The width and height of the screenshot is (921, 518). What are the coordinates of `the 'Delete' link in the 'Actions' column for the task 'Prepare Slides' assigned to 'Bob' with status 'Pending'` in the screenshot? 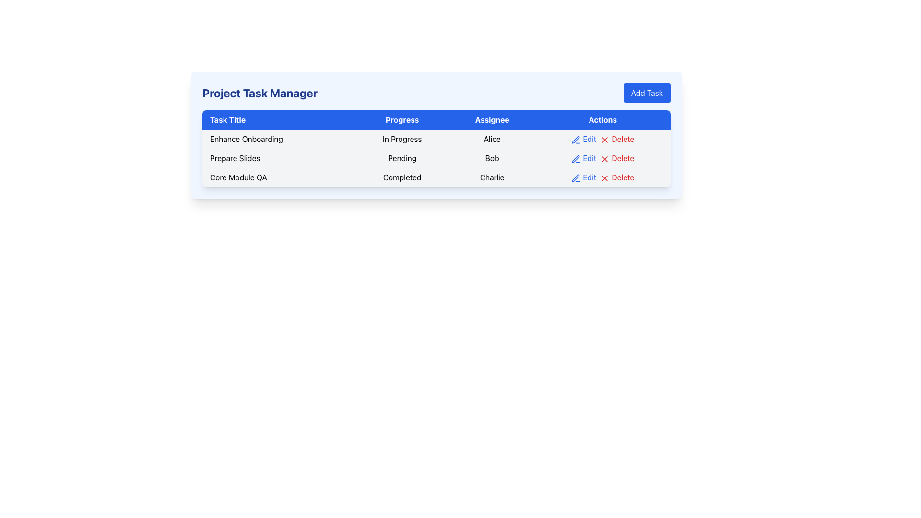 It's located at (602, 158).